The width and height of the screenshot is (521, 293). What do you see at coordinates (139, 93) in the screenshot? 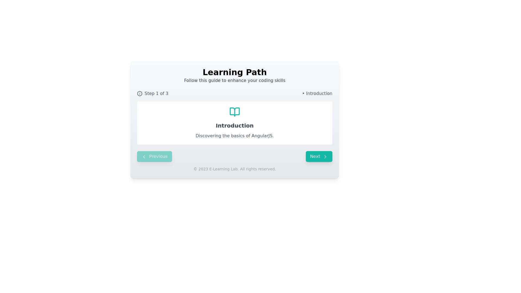
I see `the information icon, which is represented by a circle with a lowercase 'i' inside, located to the left of the text 'Step 1 of 3' in the top-left section of the interface` at bounding box center [139, 93].